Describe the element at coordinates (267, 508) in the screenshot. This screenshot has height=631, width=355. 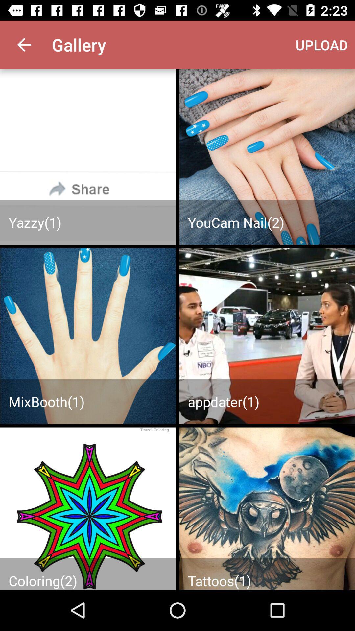
I see `tattoos` at that location.